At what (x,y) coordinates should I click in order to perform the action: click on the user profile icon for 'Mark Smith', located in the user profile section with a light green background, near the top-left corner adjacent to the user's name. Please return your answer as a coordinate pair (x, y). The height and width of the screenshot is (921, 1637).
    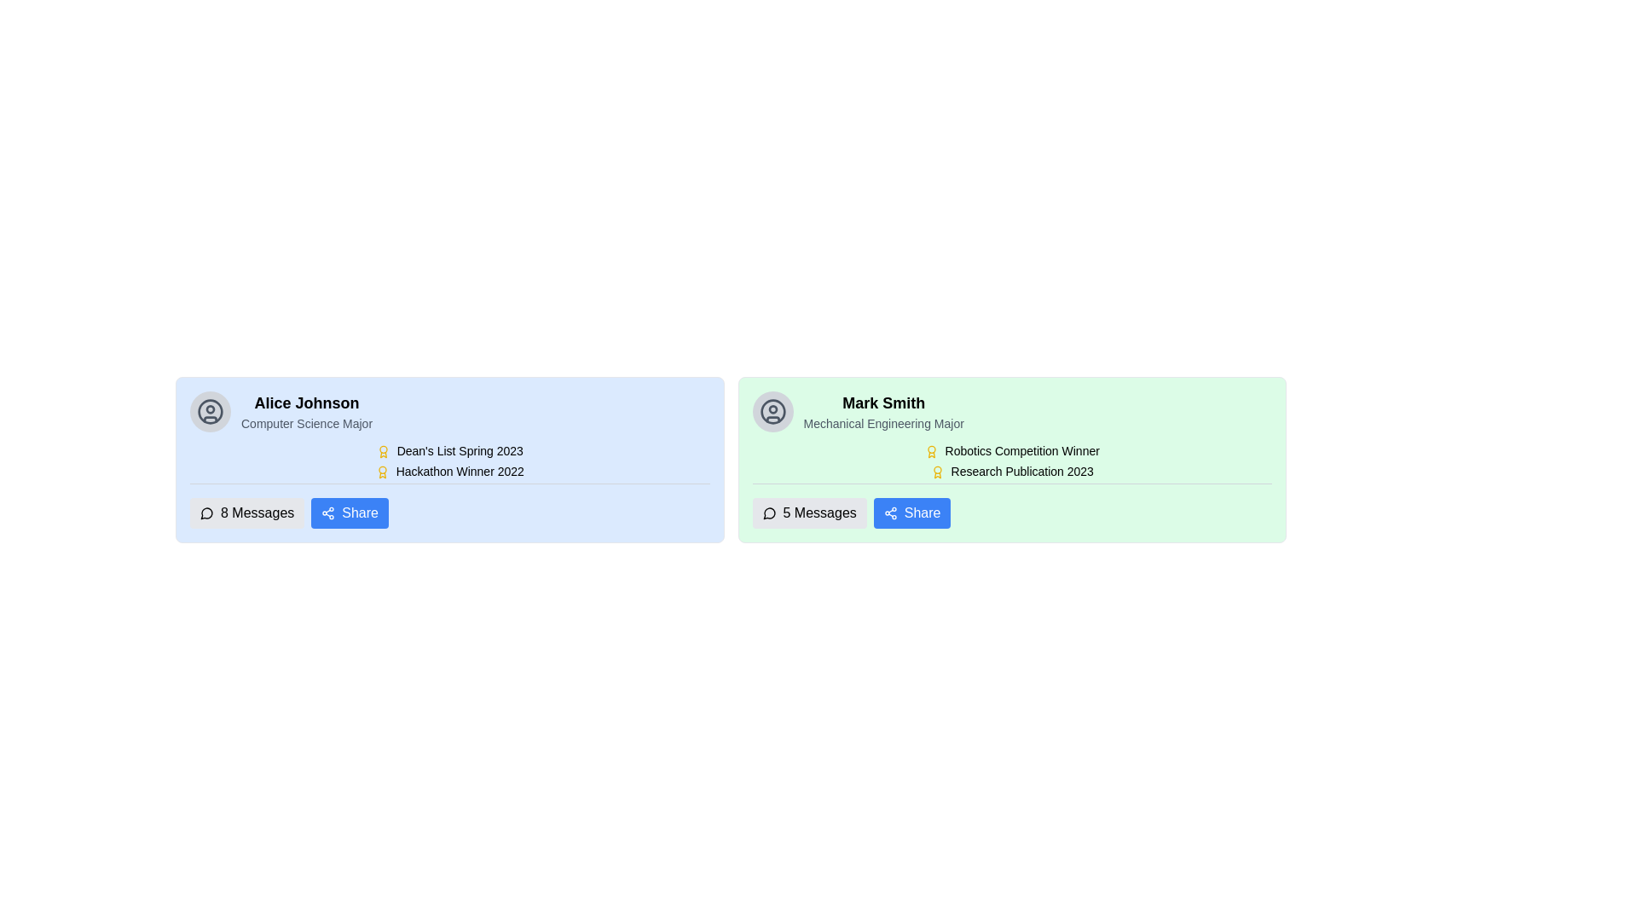
    Looking at the image, I should click on (772, 411).